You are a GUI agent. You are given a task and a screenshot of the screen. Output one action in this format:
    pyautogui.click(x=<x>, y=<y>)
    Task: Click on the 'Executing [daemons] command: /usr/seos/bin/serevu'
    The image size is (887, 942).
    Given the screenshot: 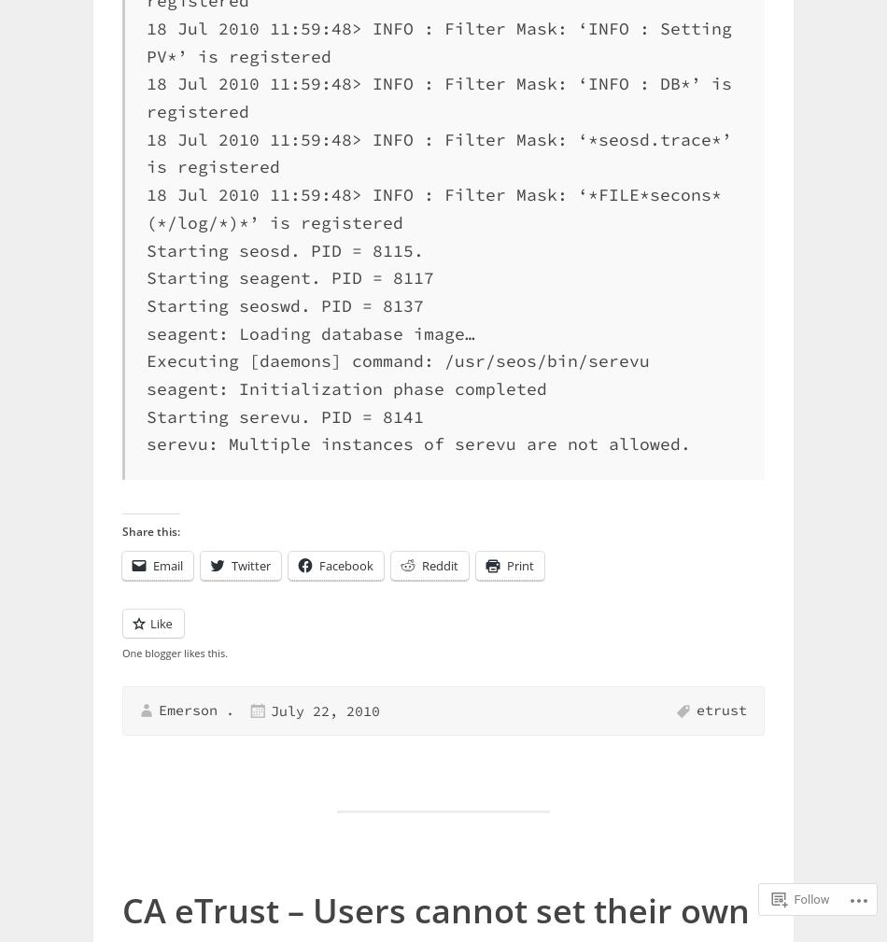 What is the action you would take?
    pyautogui.click(x=397, y=359)
    